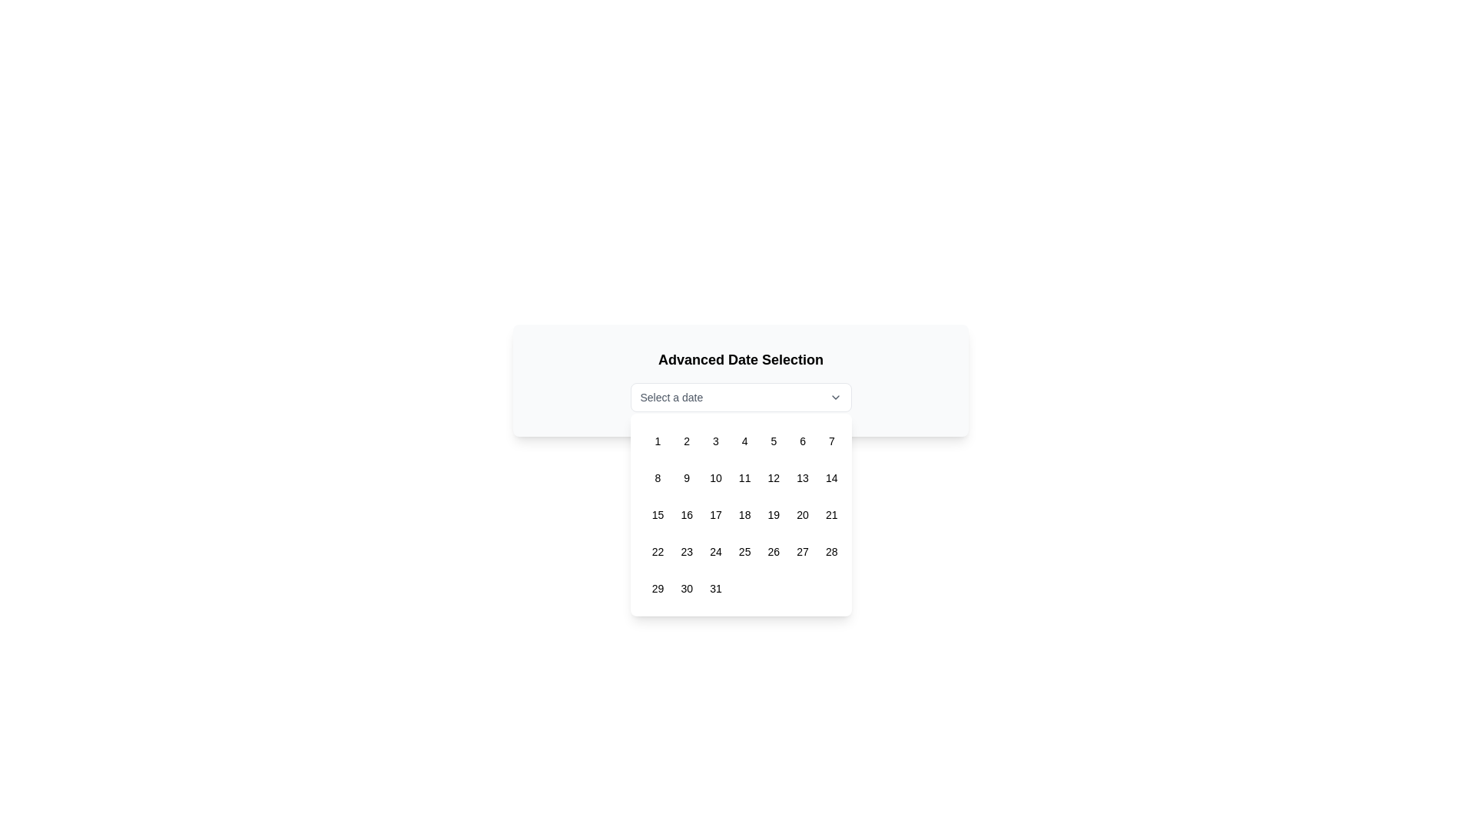 Image resolution: width=1475 pixels, height=829 pixels. Describe the element at coordinates (774, 515) in the screenshot. I see `the button displaying '19' in the date picker` at that location.